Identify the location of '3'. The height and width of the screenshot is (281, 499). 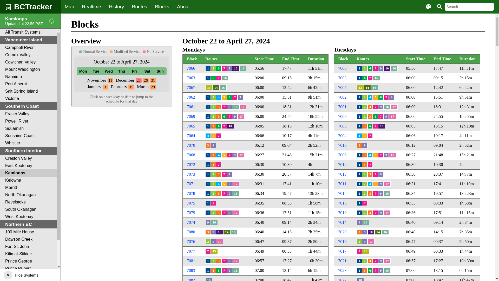
(370, 261).